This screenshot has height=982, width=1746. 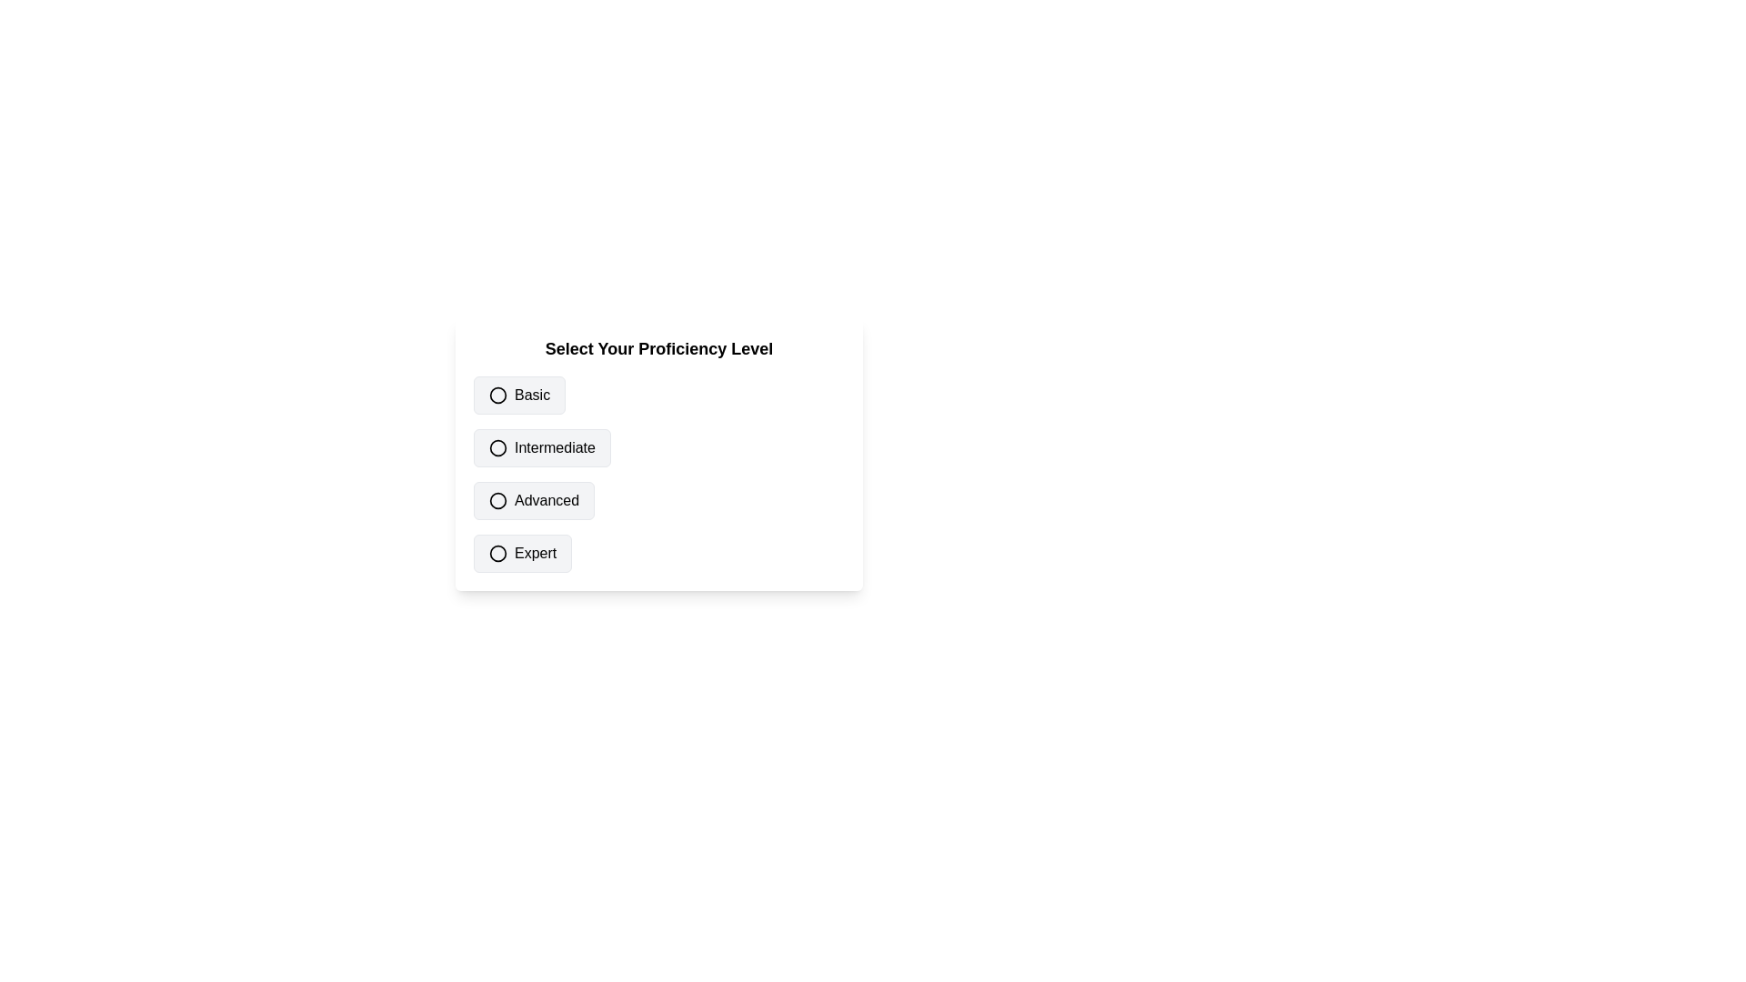 What do you see at coordinates (535, 553) in the screenshot?
I see `the text label displaying 'Expert' in the selectable option group for proficiency level` at bounding box center [535, 553].